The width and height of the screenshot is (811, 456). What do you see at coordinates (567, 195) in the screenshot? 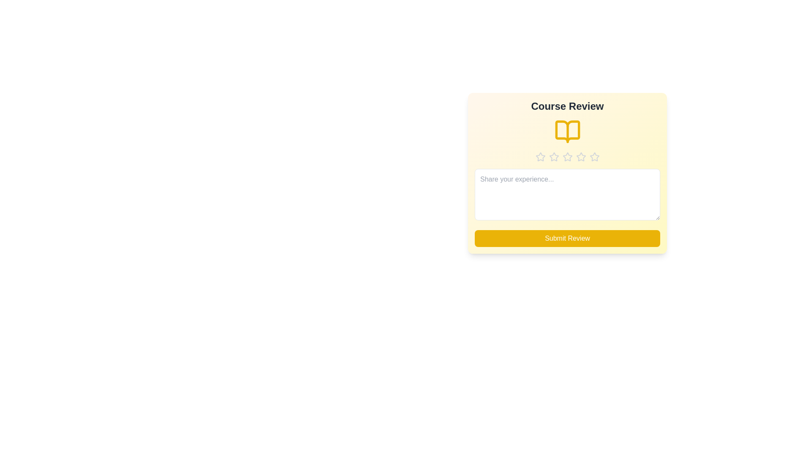
I see `the text area to enable input` at bounding box center [567, 195].